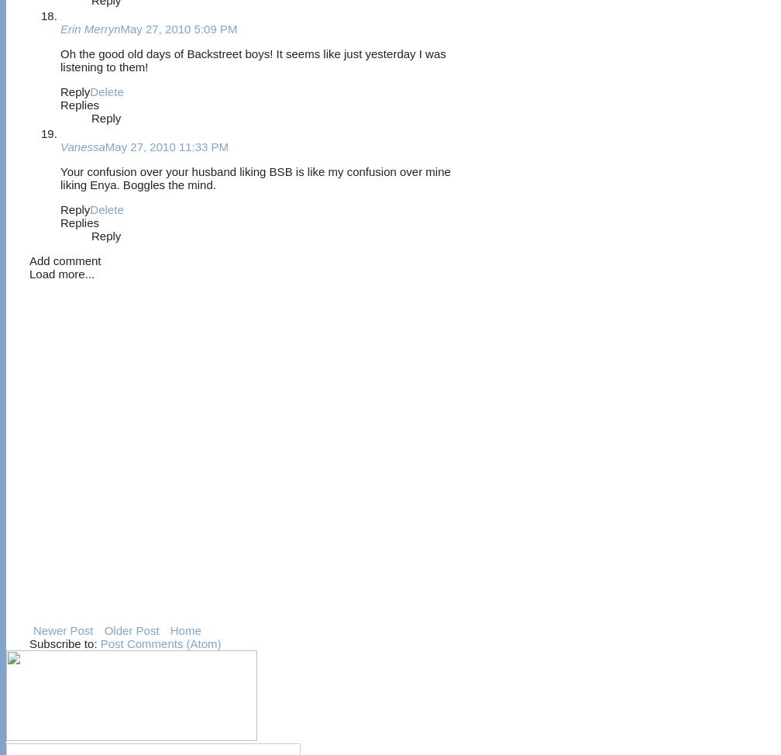 The image size is (781, 755). What do you see at coordinates (33, 629) in the screenshot?
I see `'Newer Post'` at bounding box center [33, 629].